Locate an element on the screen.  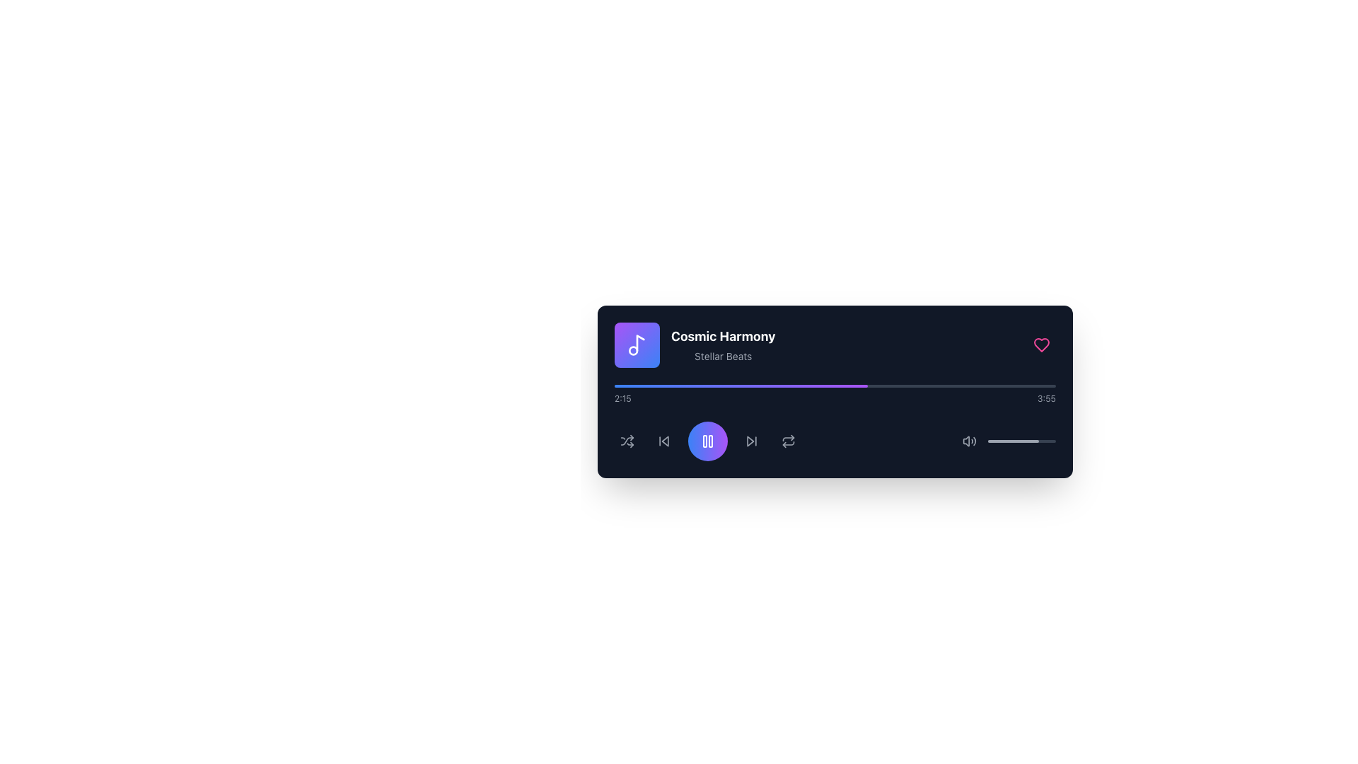
playback time is located at coordinates (960, 386).